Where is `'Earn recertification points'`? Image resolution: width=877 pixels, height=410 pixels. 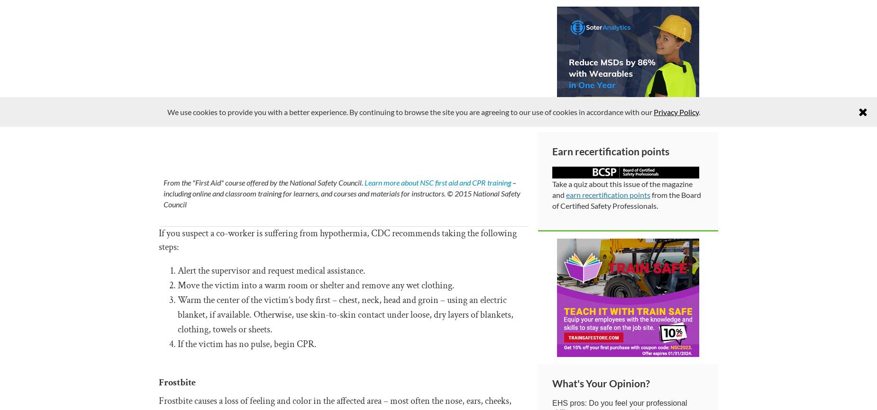 'Earn recertification points' is located at coordinates (551, 151).